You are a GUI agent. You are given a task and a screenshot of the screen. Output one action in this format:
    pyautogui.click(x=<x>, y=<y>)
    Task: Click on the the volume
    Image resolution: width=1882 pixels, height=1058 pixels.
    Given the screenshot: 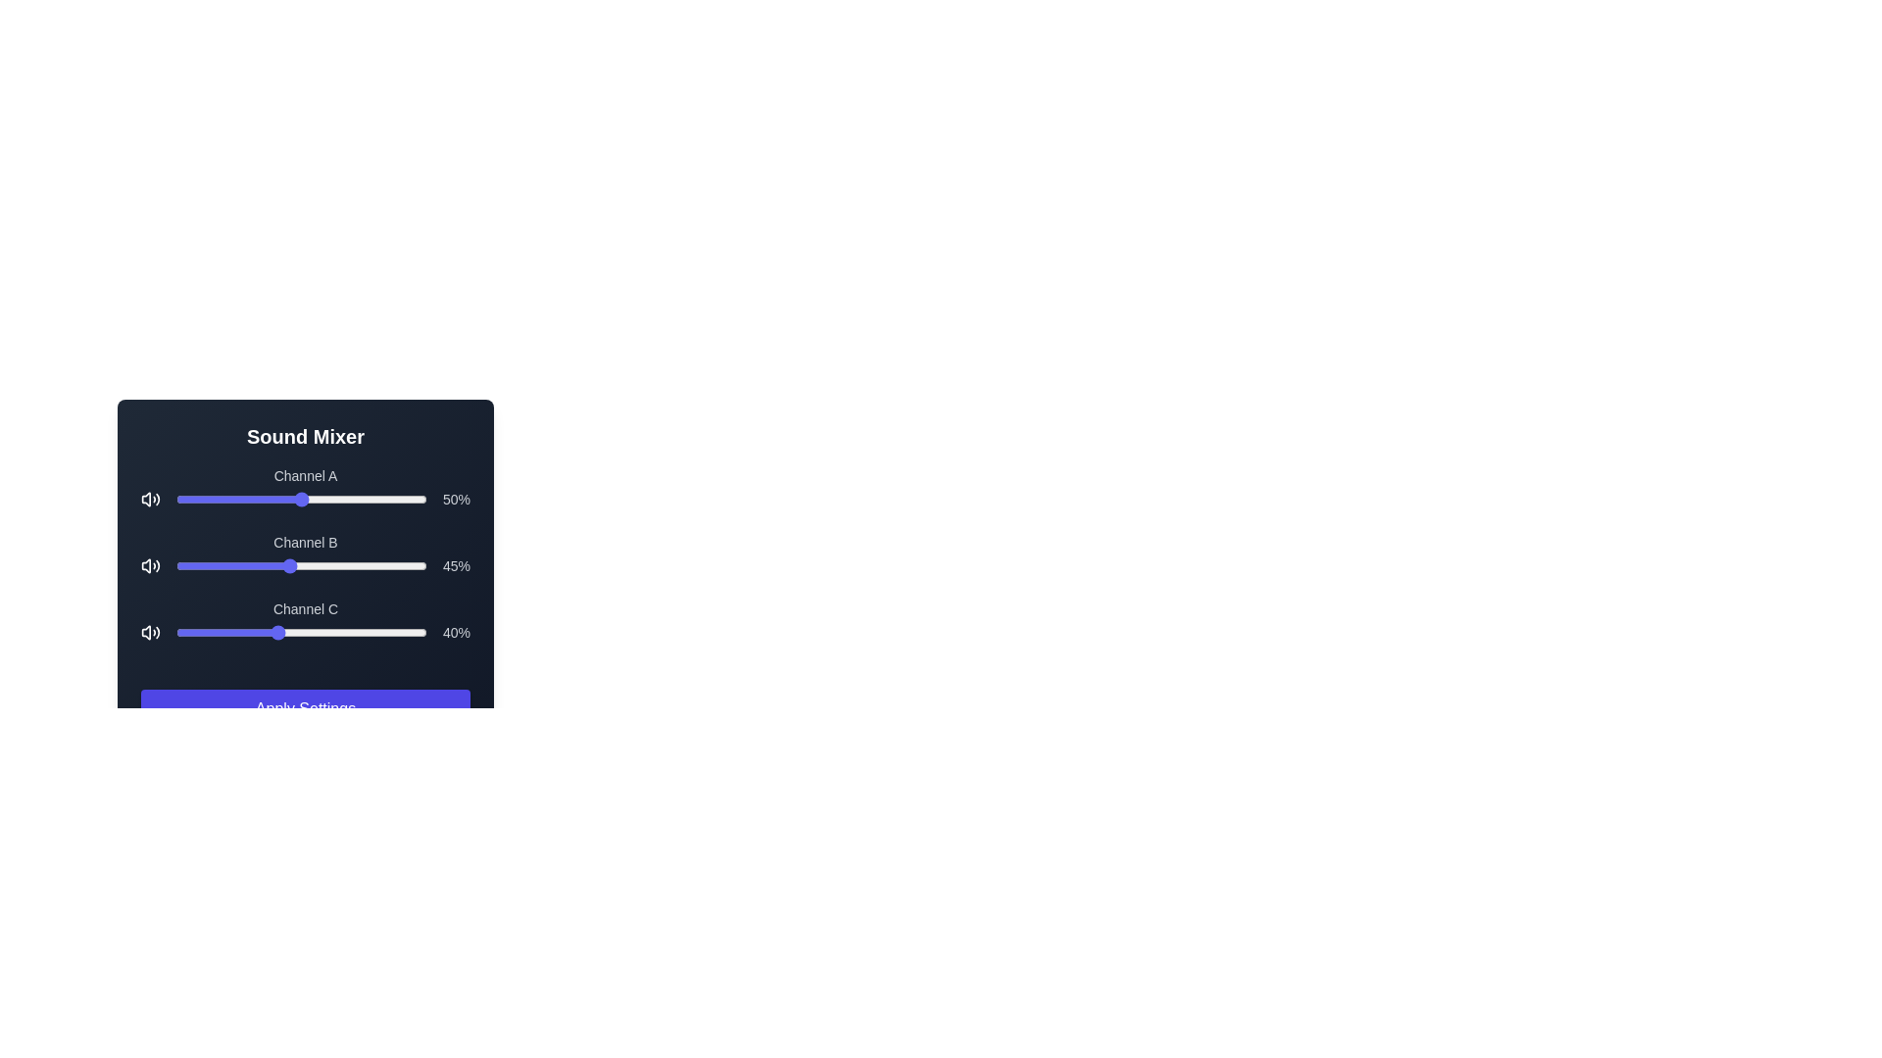 What is the action you would take?
    pyautogui.click(x=277, y=498)
    